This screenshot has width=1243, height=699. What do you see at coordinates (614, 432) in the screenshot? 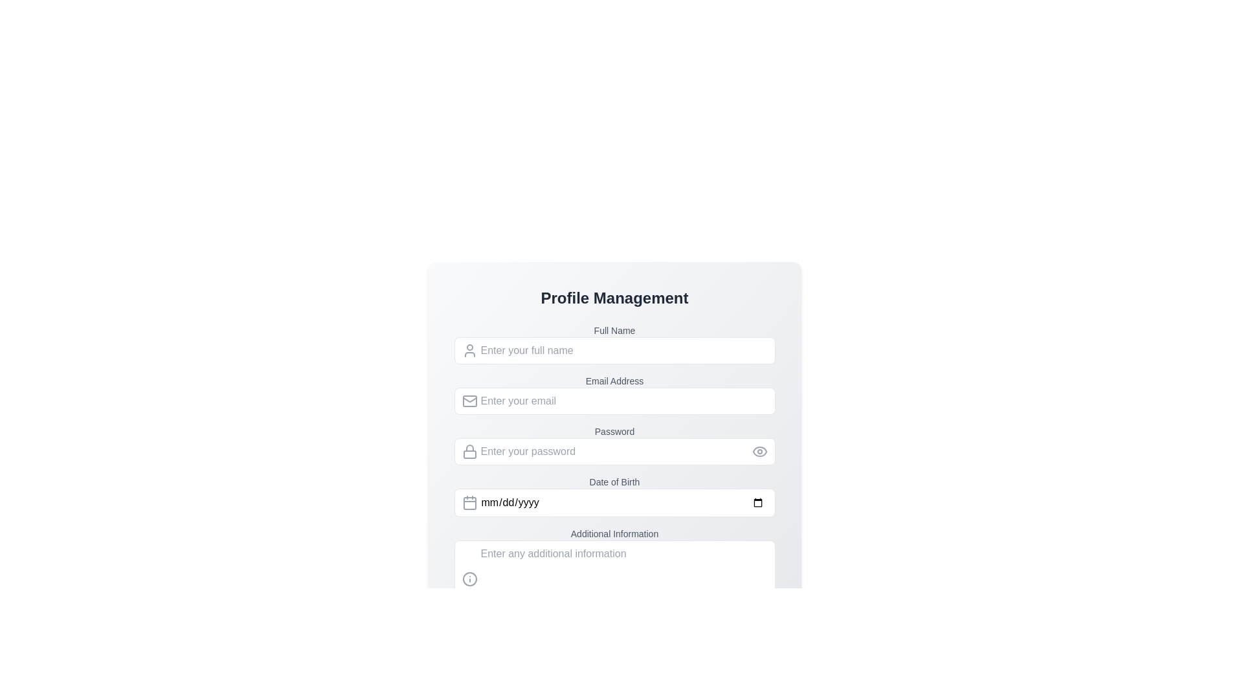
I see `the Text Label that prompts users for their password, located directly above the password input field` at bounding box center [614, 432].